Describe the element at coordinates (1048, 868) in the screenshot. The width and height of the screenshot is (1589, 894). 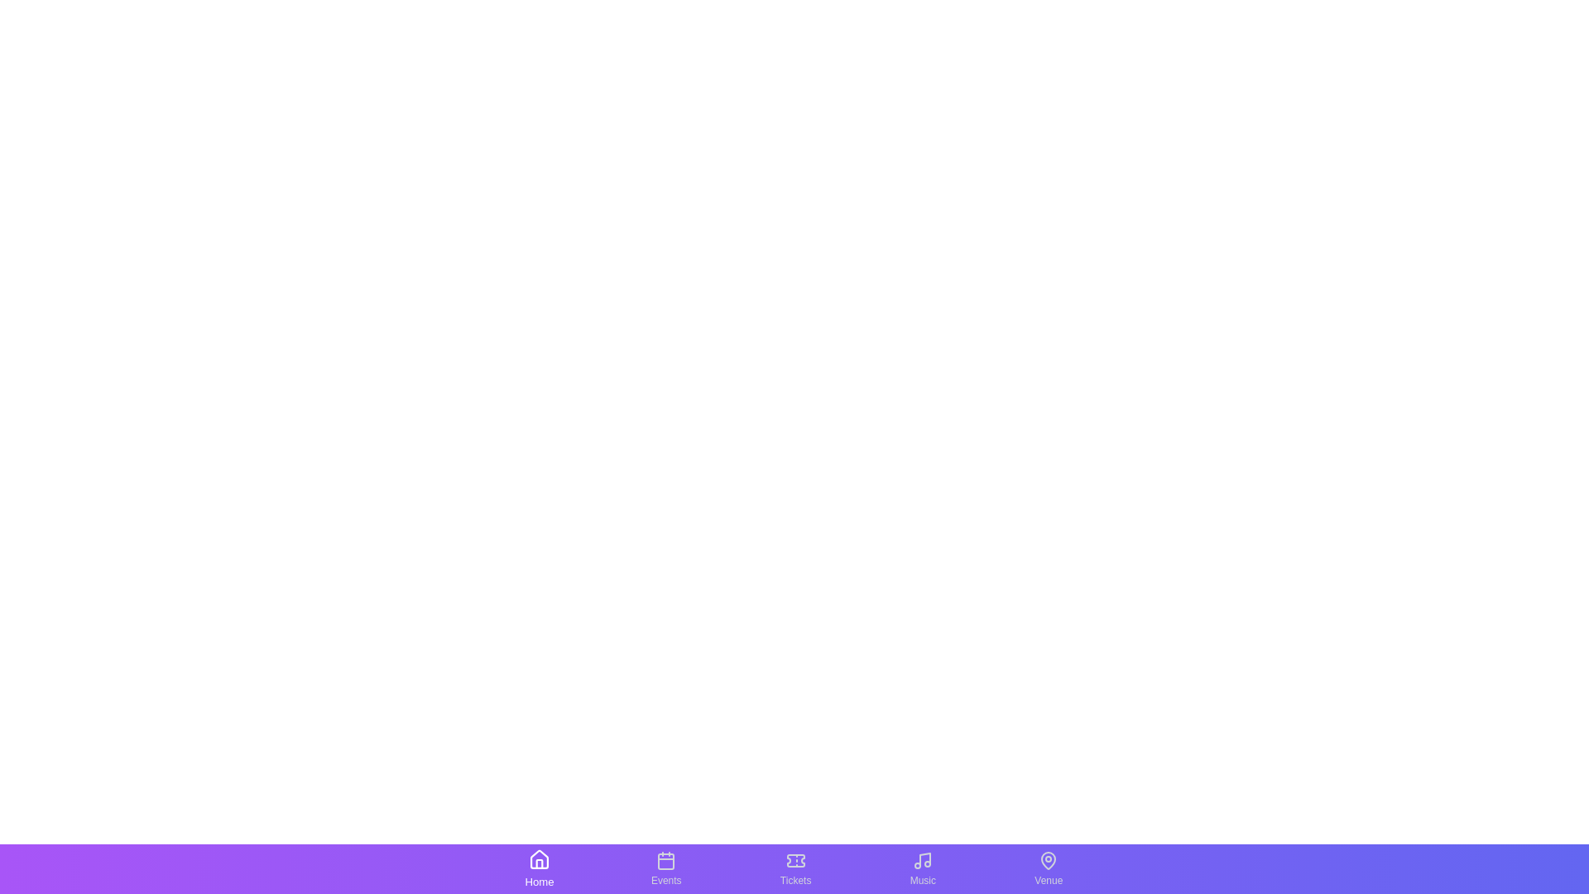
I see `the tab labeled Venue to navigate to its section` at that location.